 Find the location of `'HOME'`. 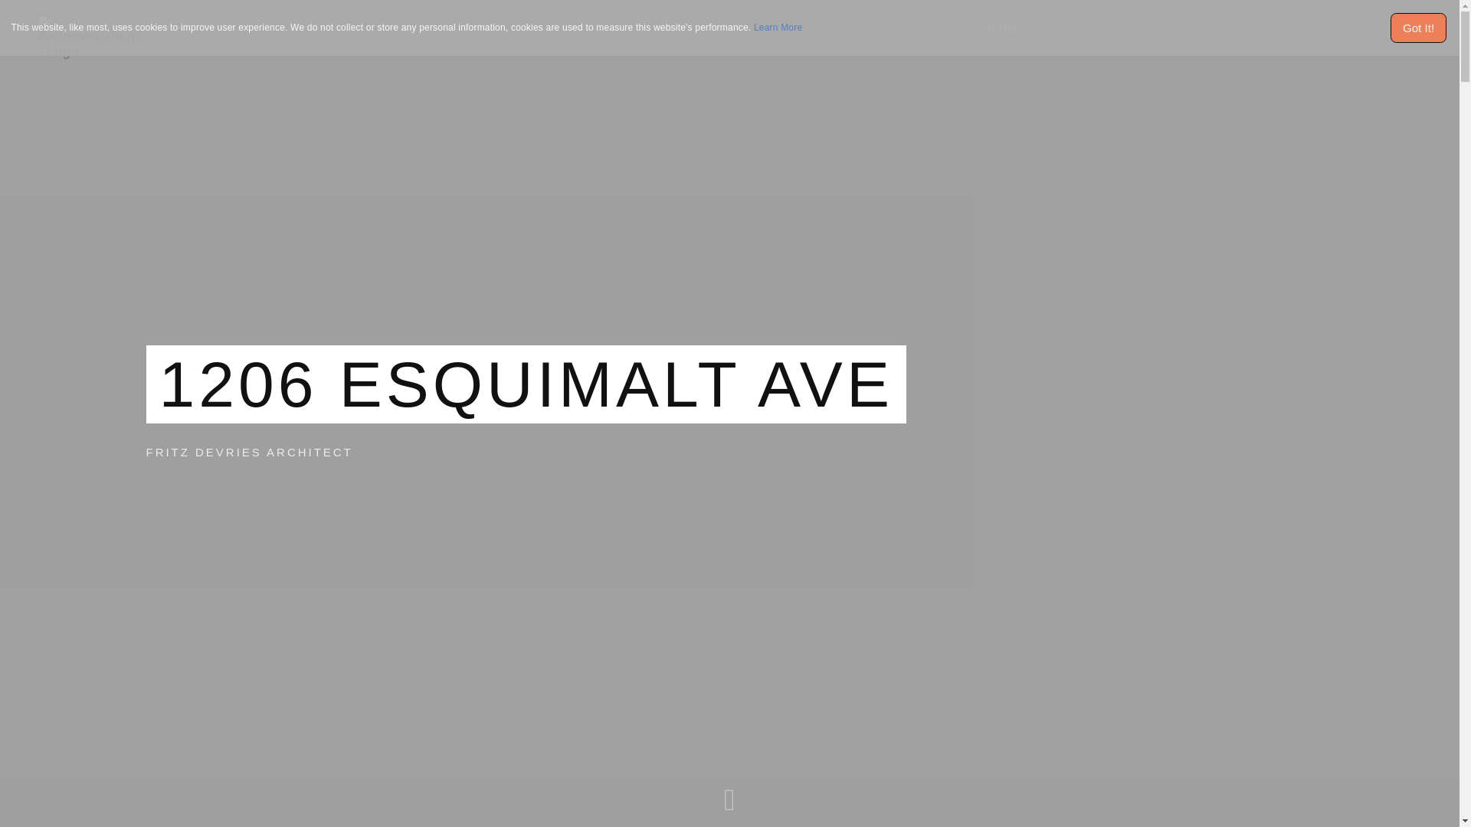

'HOME' is located at coordinates (975, 28).